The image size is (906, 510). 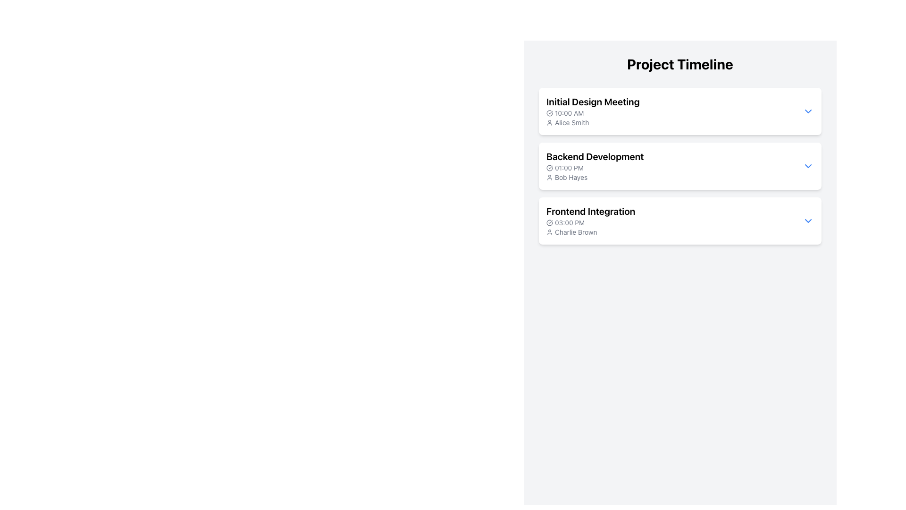 I want to click on text element indicating the subject or event name ('Backend Development'), which is the title of the second card in a vertical list of similar components, so click(x=595, y=156).